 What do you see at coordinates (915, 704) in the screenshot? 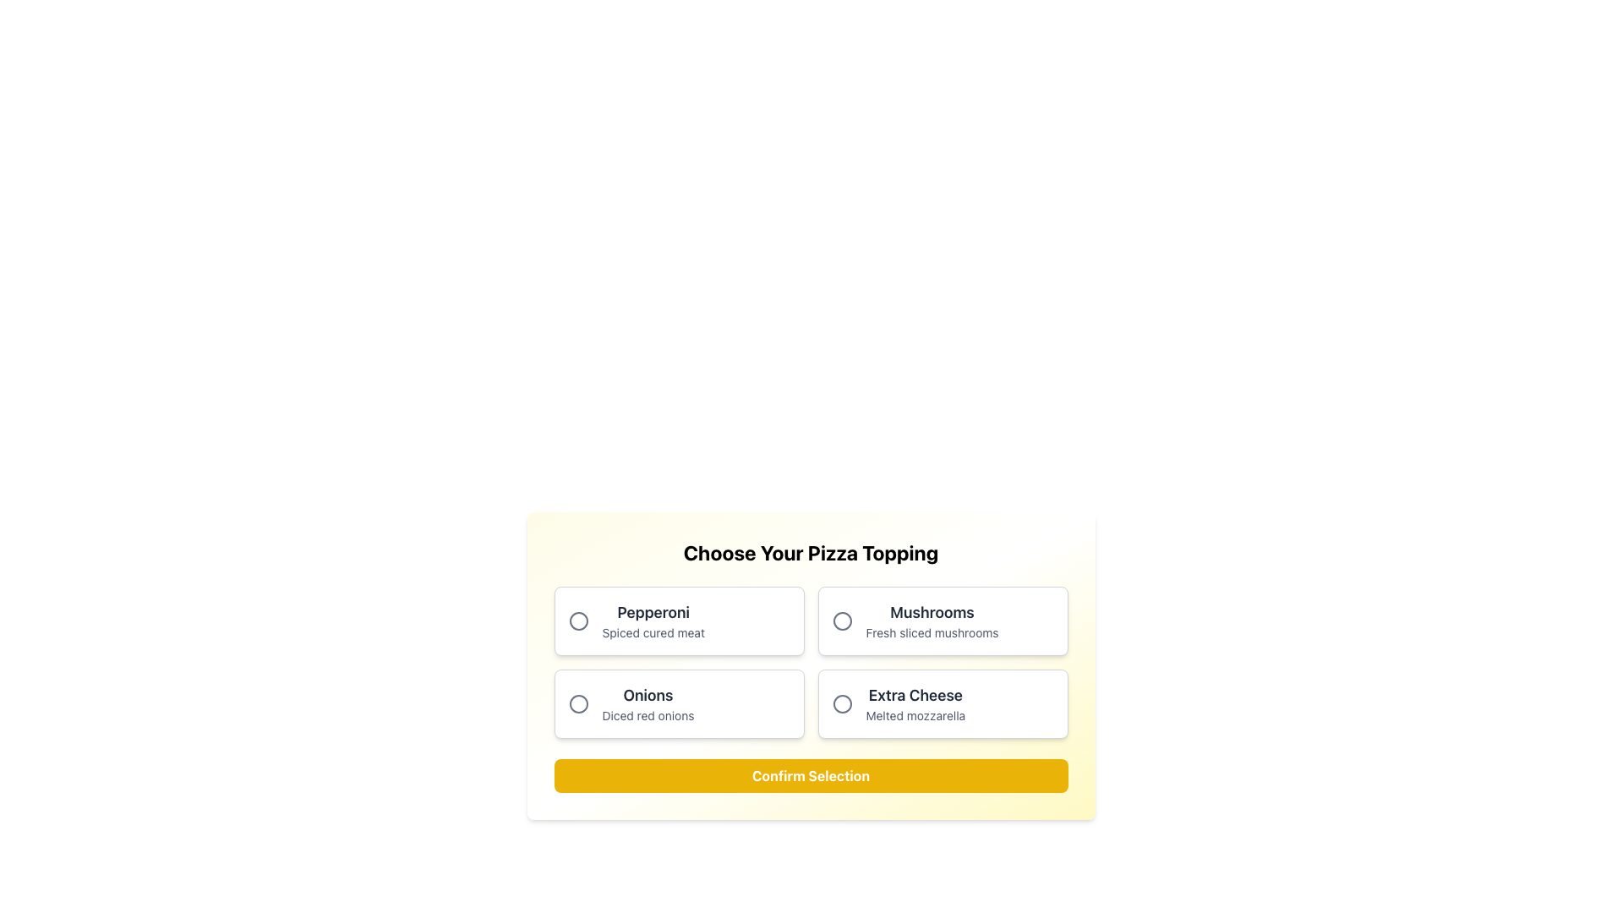
I see `the 'Extra Cheese' text label, which consists of the main text 'Extra Cheese' in bold and larger font, and the secondary description 'Melted mozzarella' in a smaller font, located in the lower-right quarter of the pizza toppings selection grid` at bounding box center [915, 704].